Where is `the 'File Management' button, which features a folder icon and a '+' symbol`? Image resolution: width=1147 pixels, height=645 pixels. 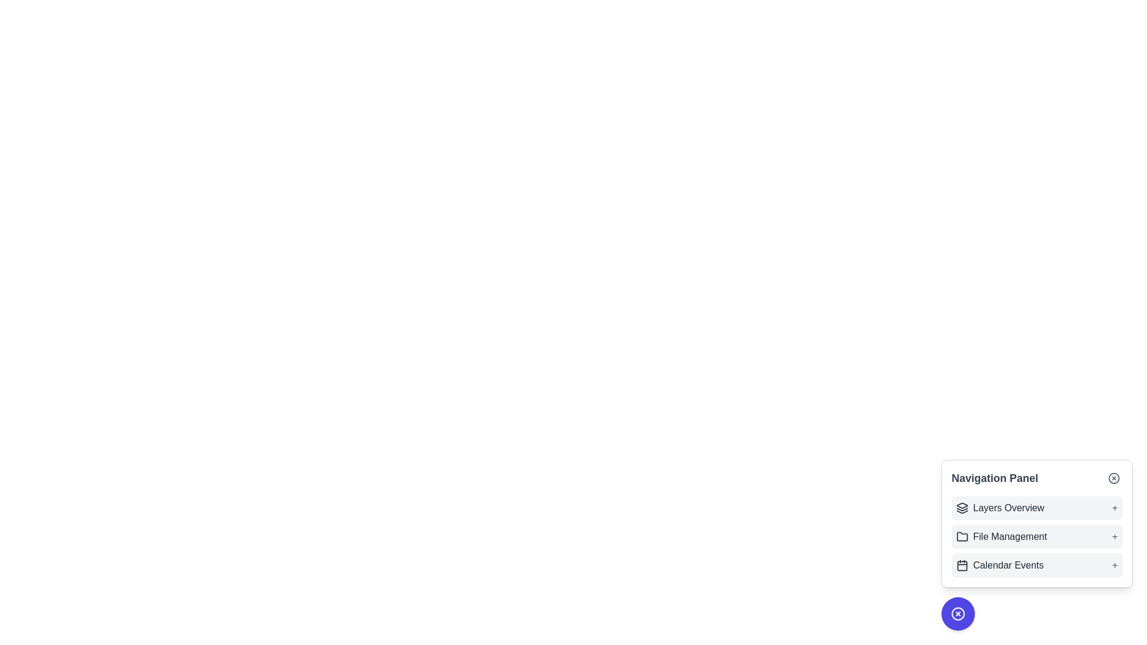 the 'File Management' button, which features a folder icon and a '+' symbol is located at coordinates (1036, 536).